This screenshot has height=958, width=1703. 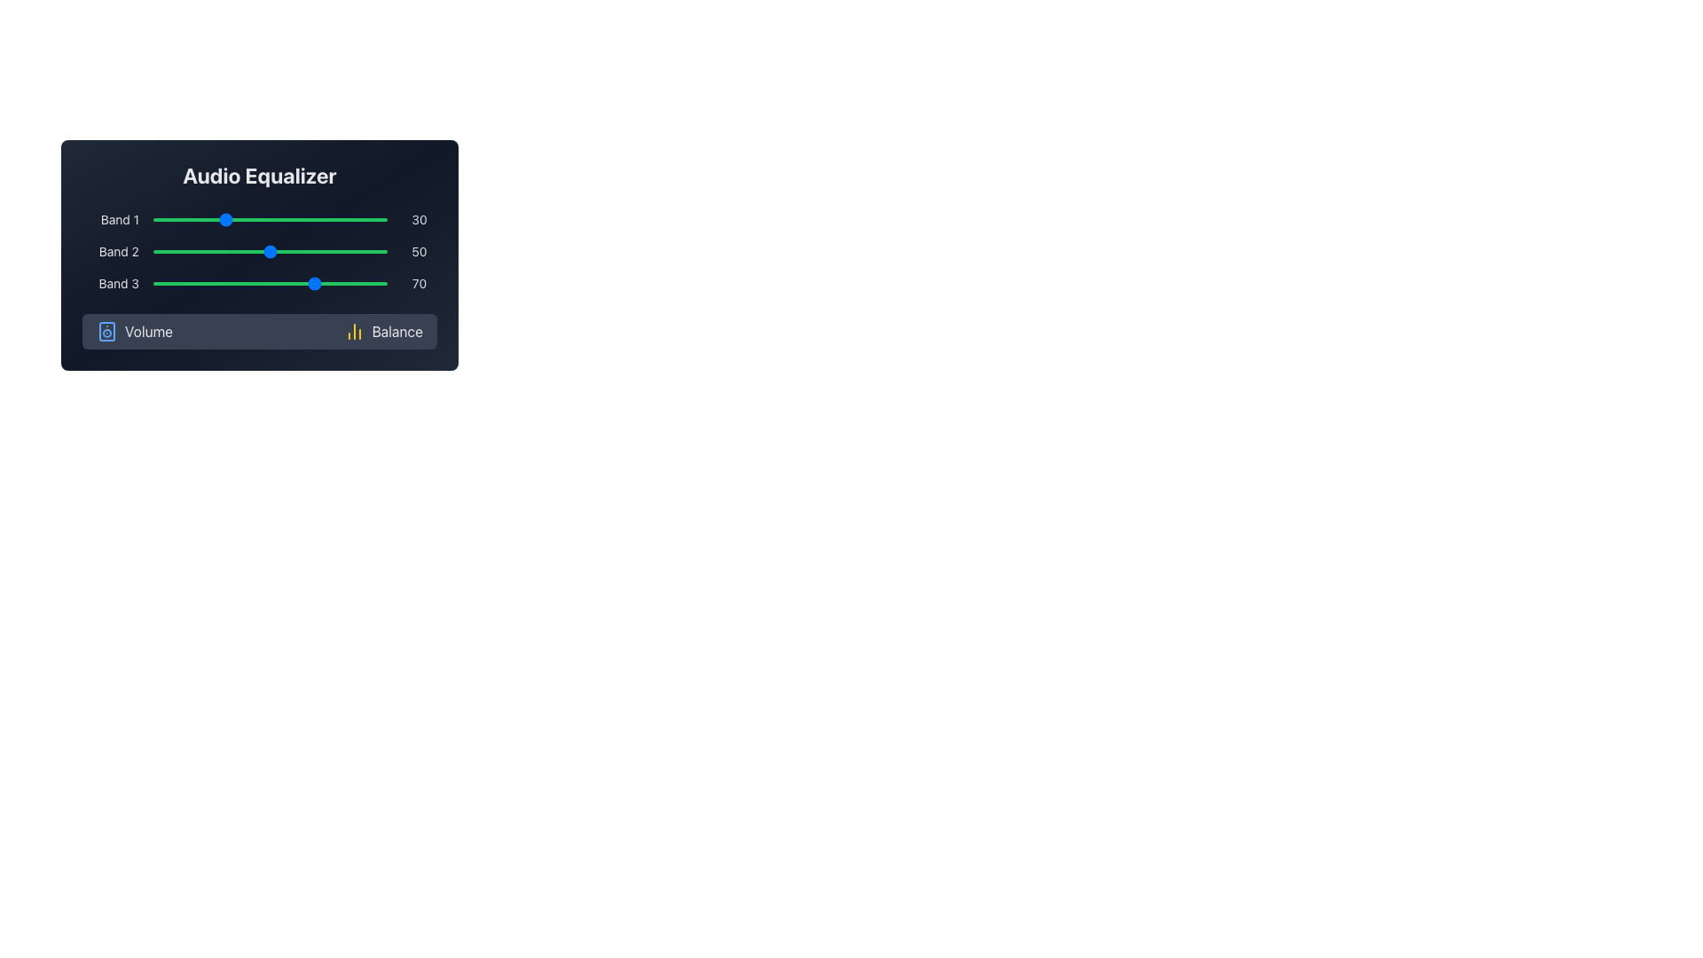 I want to click on the text label that identifies the function of the adjacent slider for 'Band 1' in the Audio Equalizer section, so click(x=109, y=218).